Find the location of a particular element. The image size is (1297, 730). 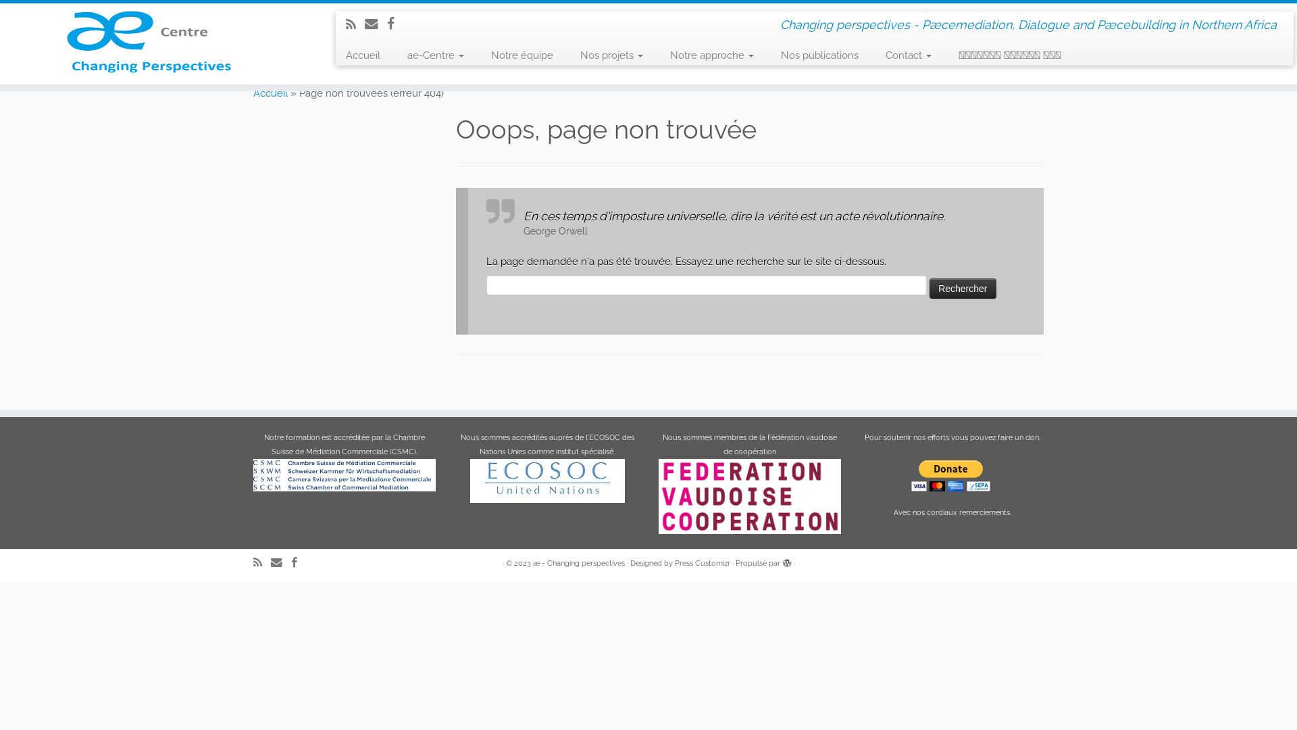

'Notre approche' is located at coordinates (711, 54).